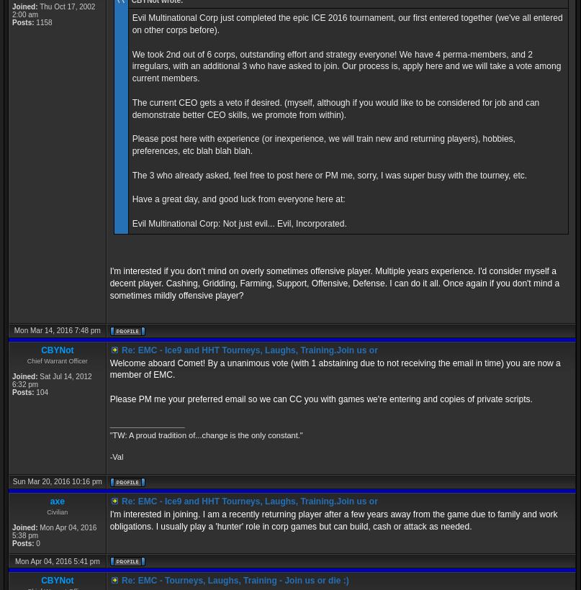 This screenshot has height=590, width=581. Describe the element at coordinates (109, 519) in the screenshot. I see `'I'm interested in joining.  I am a recently returning player after a few years away from the game due to family and work obligations.  I usually play a 'hunter' role in corp games but can build, cash or attack as needed.'` at that location.